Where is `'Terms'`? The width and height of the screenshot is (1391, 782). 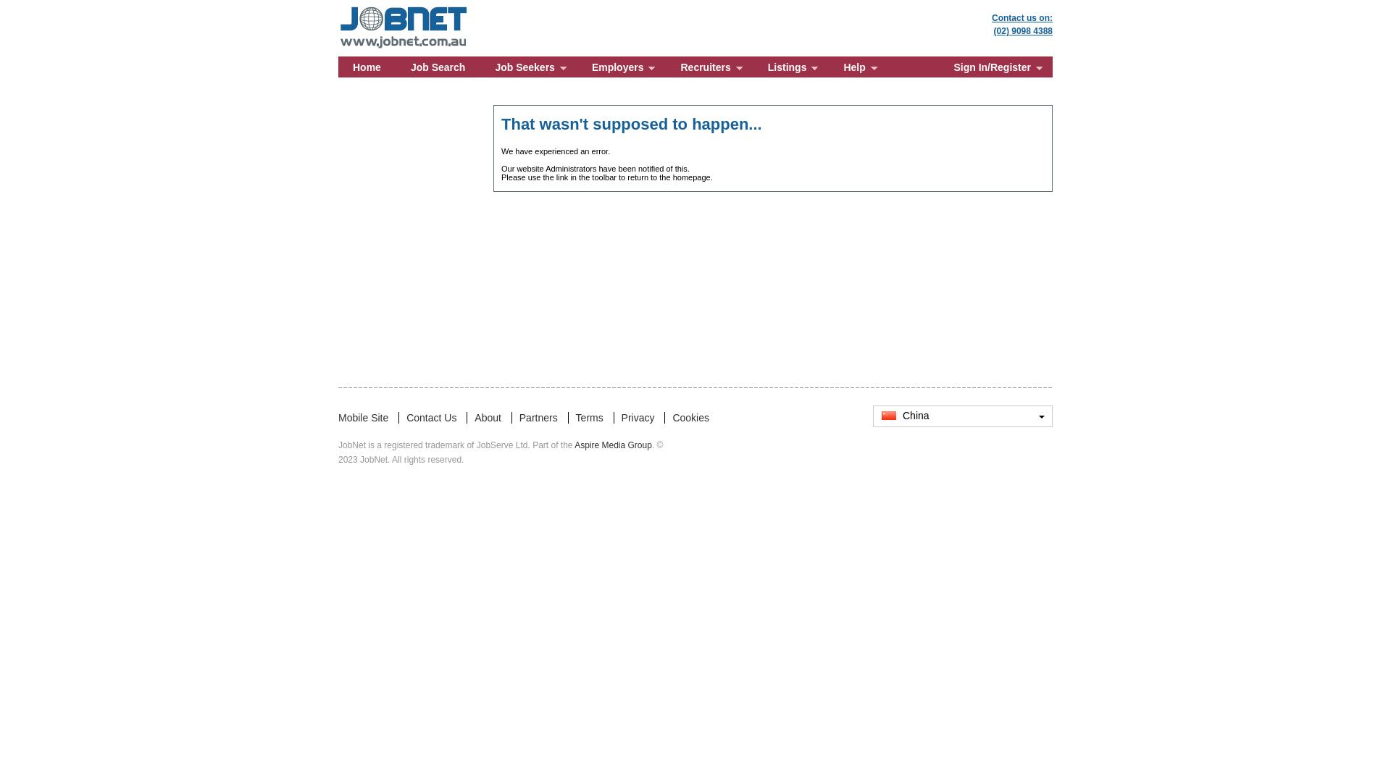 'Terms' is located at coordinates (590, 418).